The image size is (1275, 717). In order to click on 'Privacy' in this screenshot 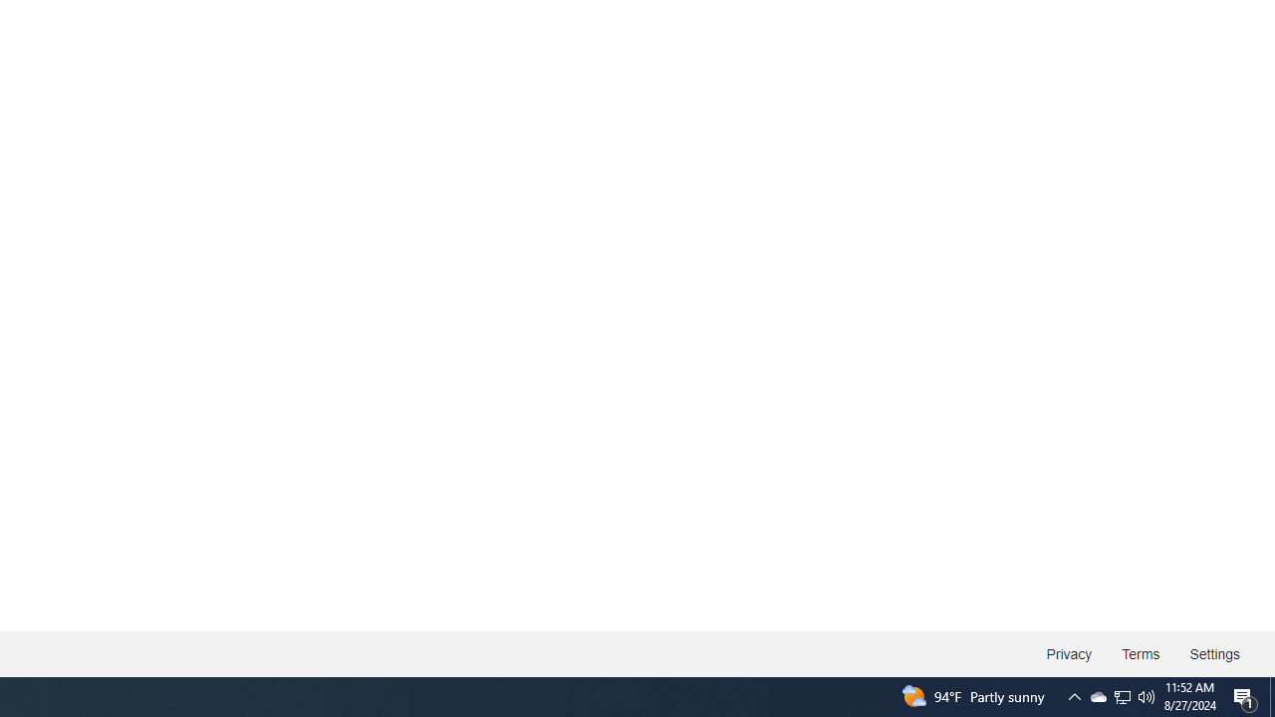, I will do `click(1068, 654)`.